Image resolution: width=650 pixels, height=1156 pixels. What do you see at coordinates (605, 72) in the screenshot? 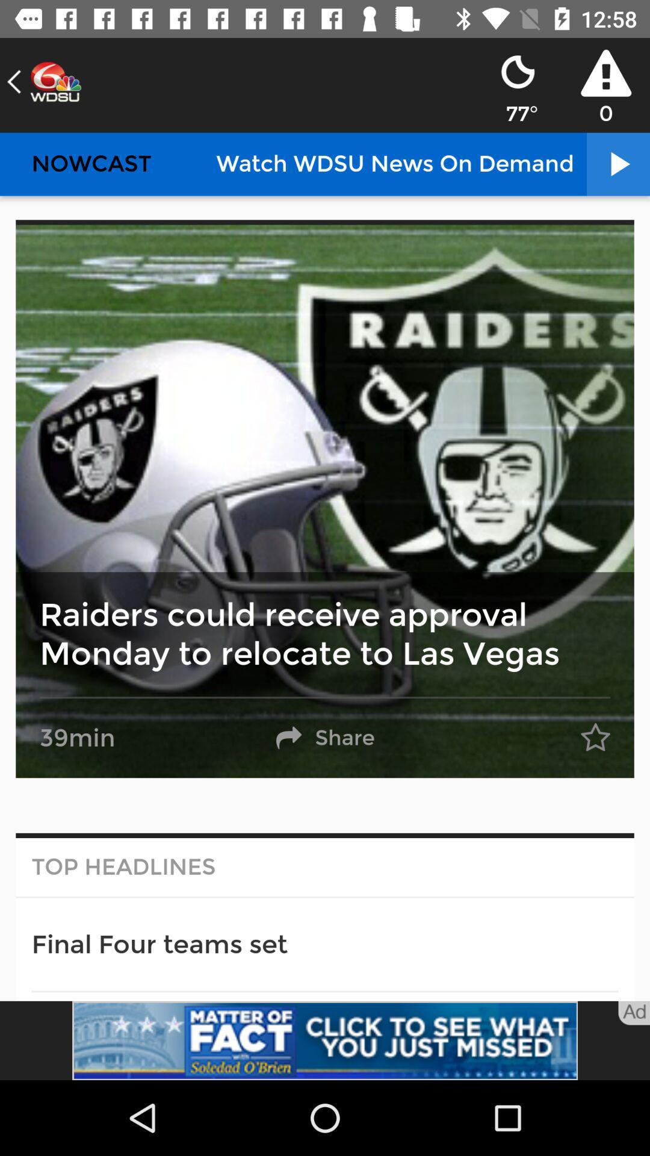
I see `the icon above 0` at bounding box center [605, 72].